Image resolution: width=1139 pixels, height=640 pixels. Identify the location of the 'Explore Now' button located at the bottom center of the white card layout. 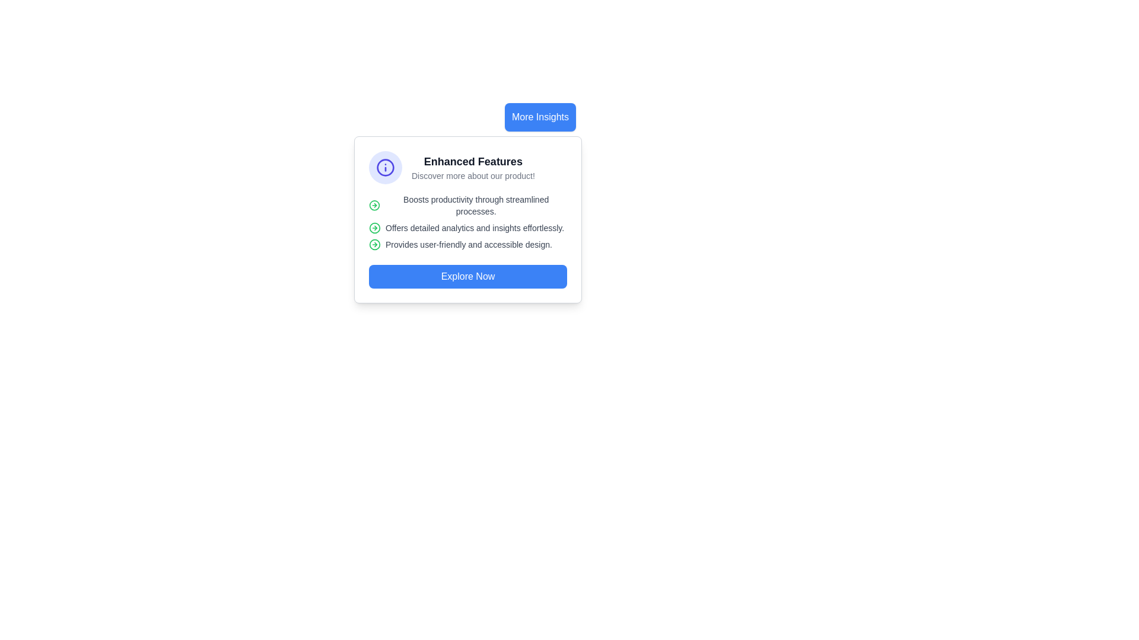
(467, 276).